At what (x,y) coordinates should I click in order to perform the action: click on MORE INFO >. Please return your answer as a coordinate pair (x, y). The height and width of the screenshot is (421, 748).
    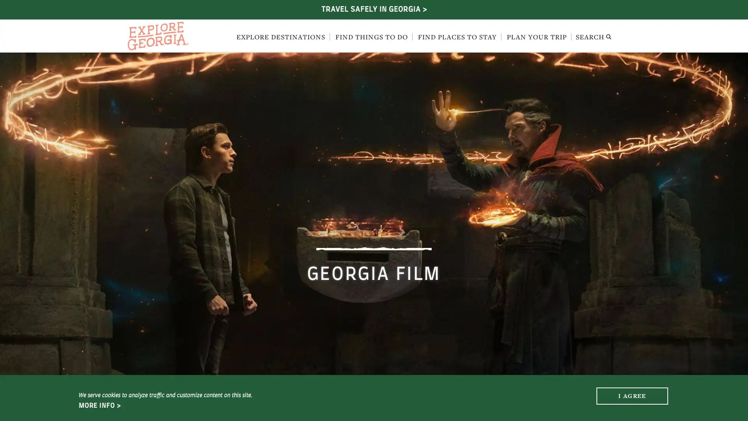
    Looking at the image, I should click on (99, 405).